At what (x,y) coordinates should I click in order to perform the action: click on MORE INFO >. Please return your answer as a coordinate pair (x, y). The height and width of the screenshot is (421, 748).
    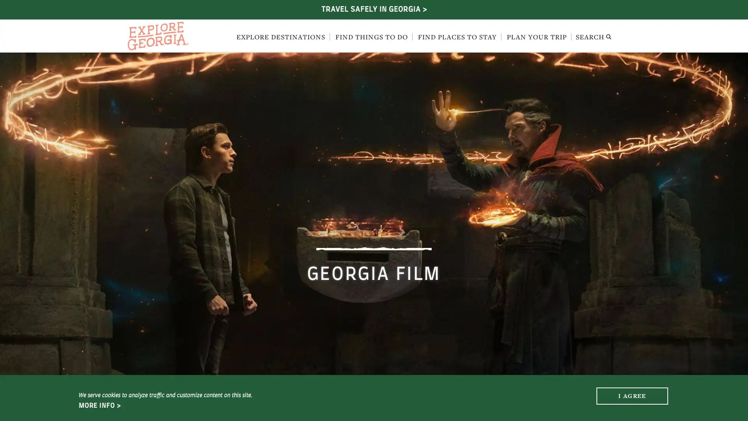
    Looking at the image, I should click on (99, 405).